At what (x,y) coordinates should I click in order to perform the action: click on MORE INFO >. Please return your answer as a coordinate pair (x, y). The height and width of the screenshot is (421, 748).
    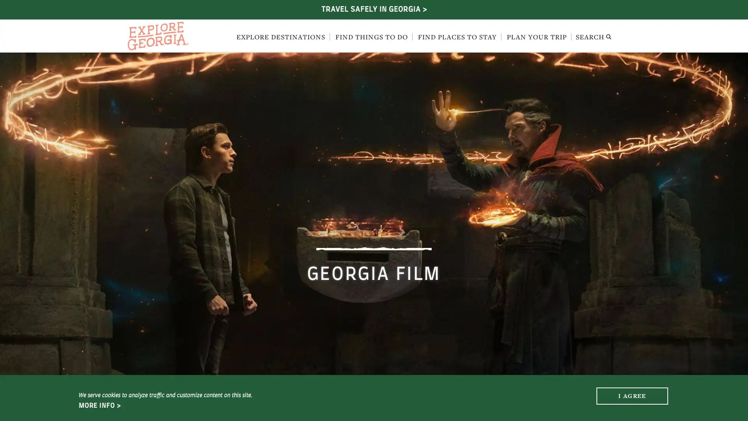
    Looking at the image, I should click on (99, 405).